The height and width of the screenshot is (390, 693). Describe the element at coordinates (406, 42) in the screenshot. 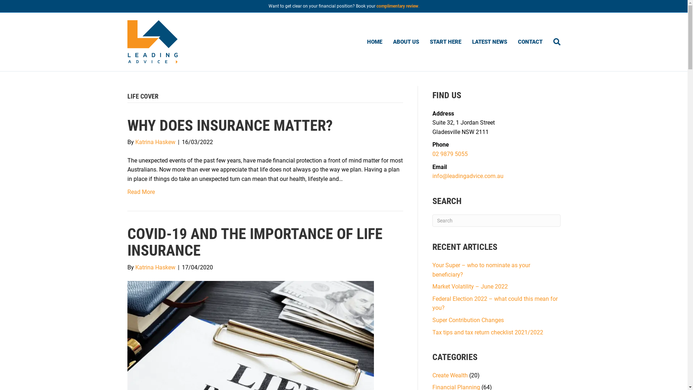

I see `'ABOUT US'` at that location.